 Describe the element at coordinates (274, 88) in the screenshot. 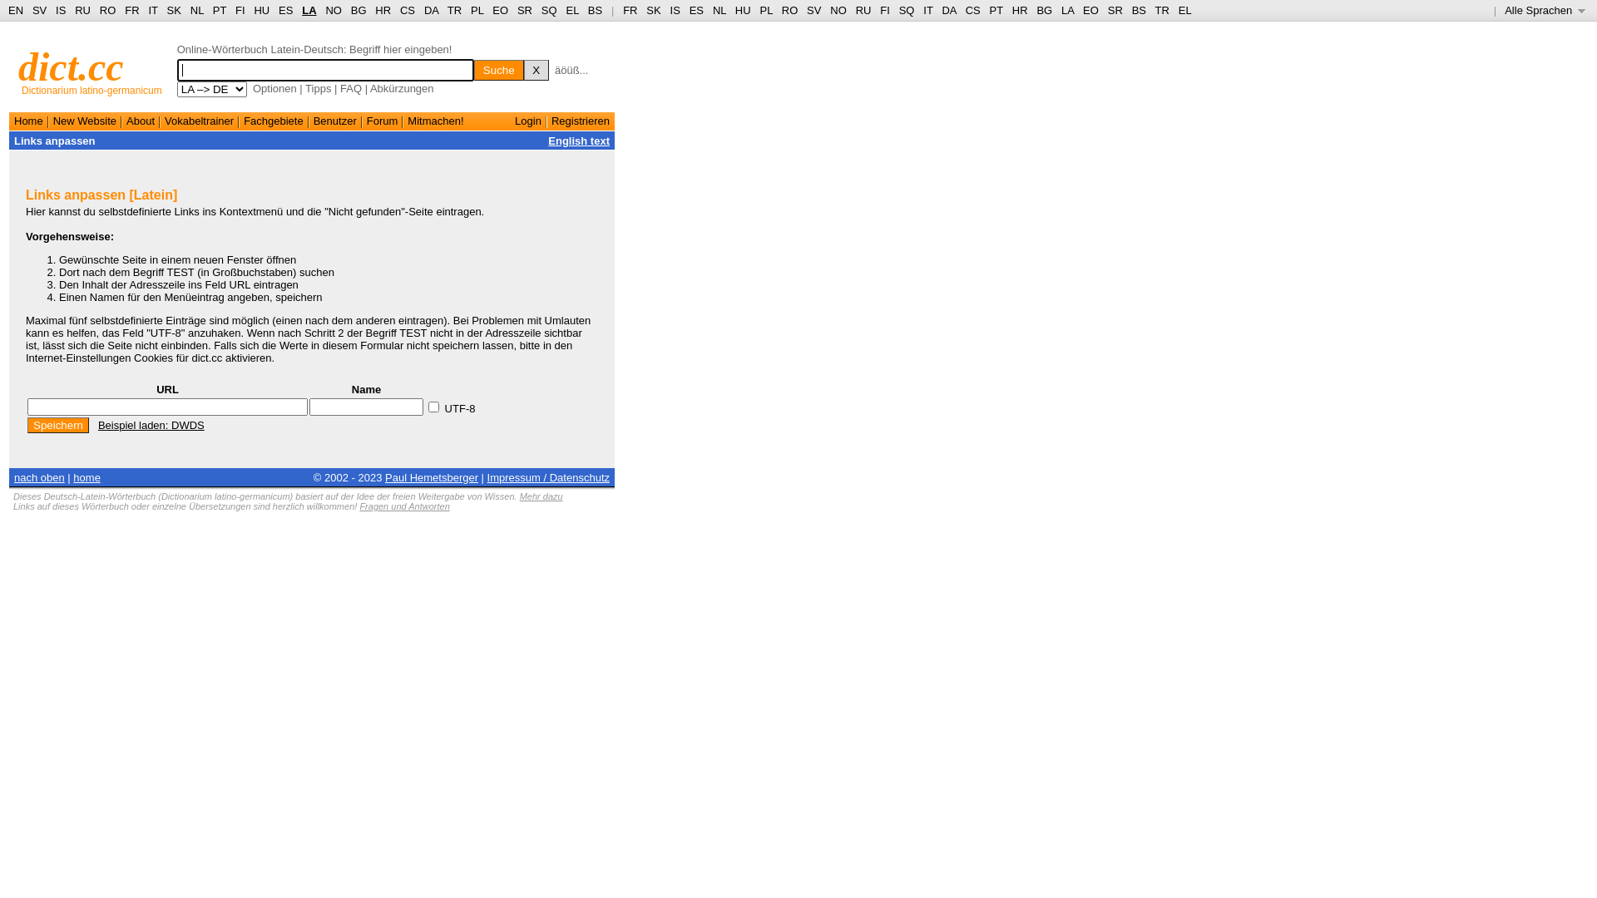

I see `'Optionen'` at that location.